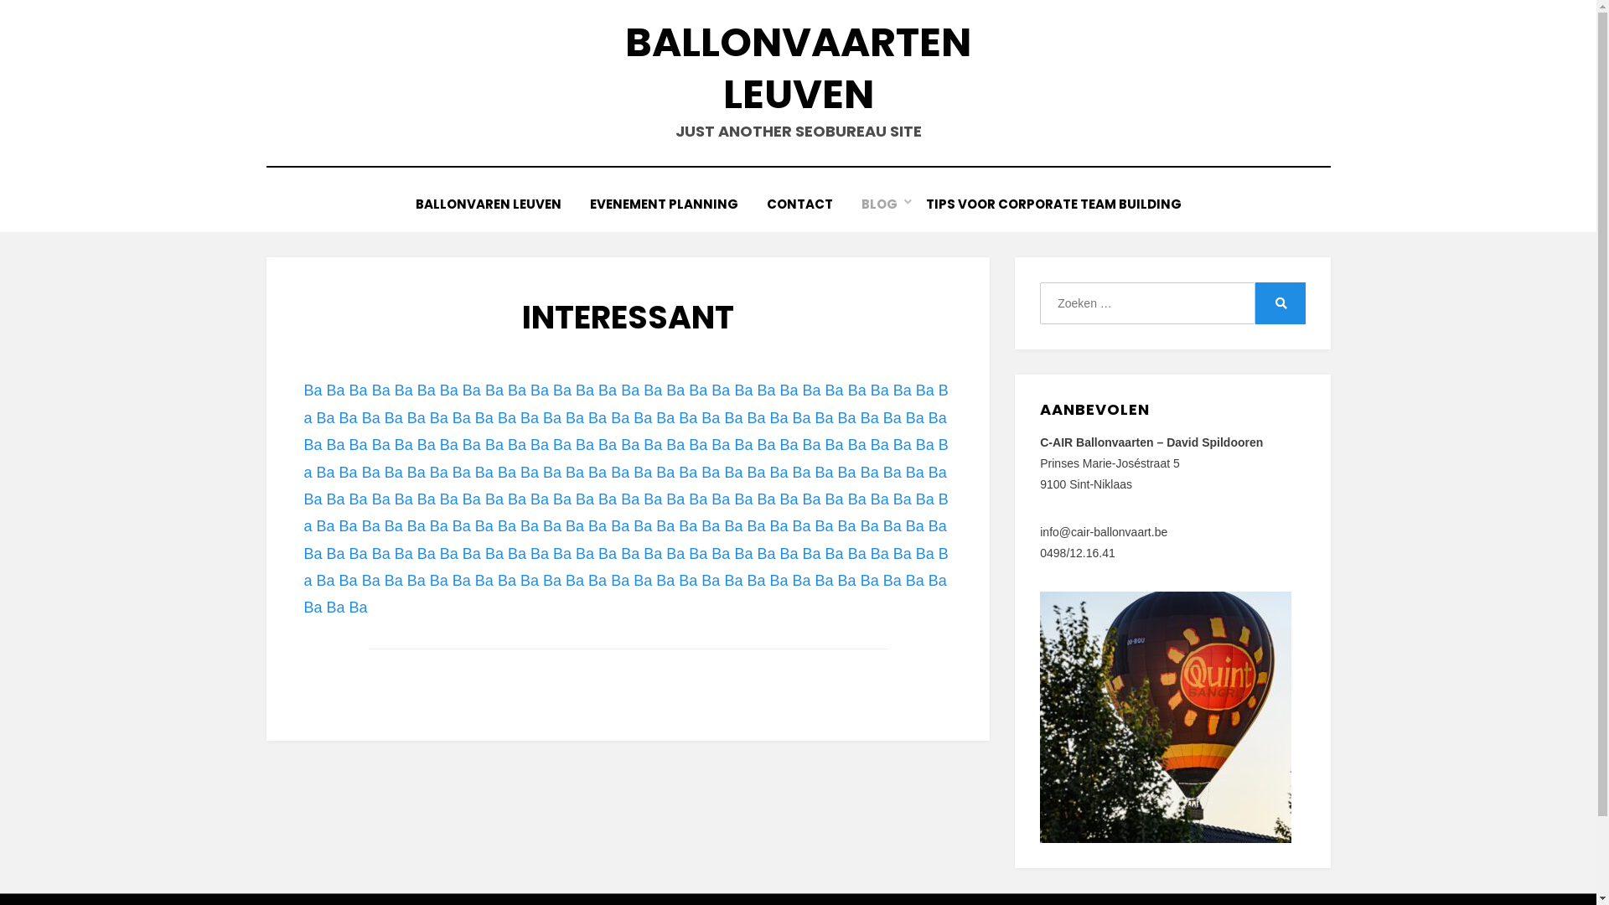 This screenshot has width=1609, height=905. I want to click on 'Ba', so click(606, 499).